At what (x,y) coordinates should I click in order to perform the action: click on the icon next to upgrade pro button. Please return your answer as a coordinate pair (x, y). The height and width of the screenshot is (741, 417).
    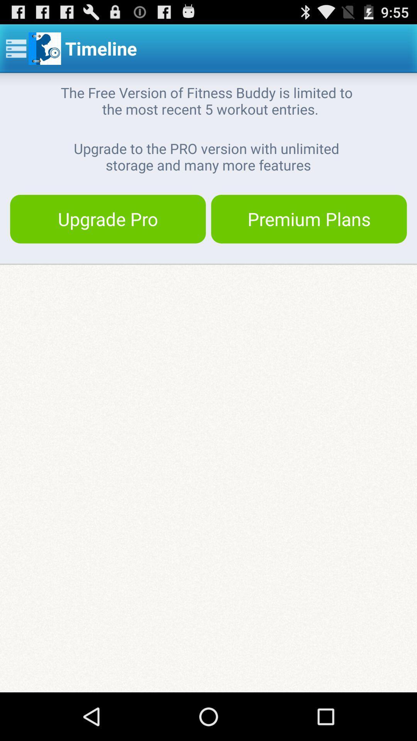
    Looking at the image, I should click on (309, 218).